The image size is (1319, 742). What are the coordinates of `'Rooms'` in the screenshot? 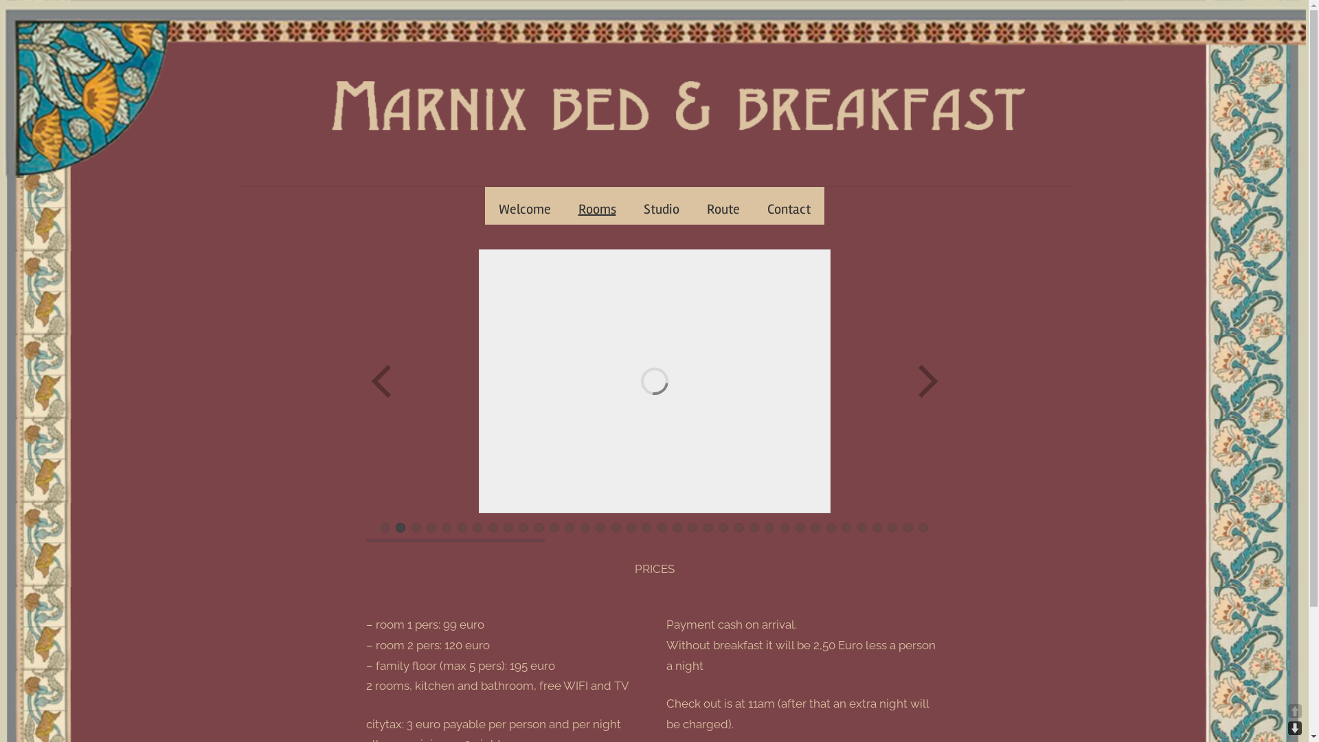 It's located at (597, 209).